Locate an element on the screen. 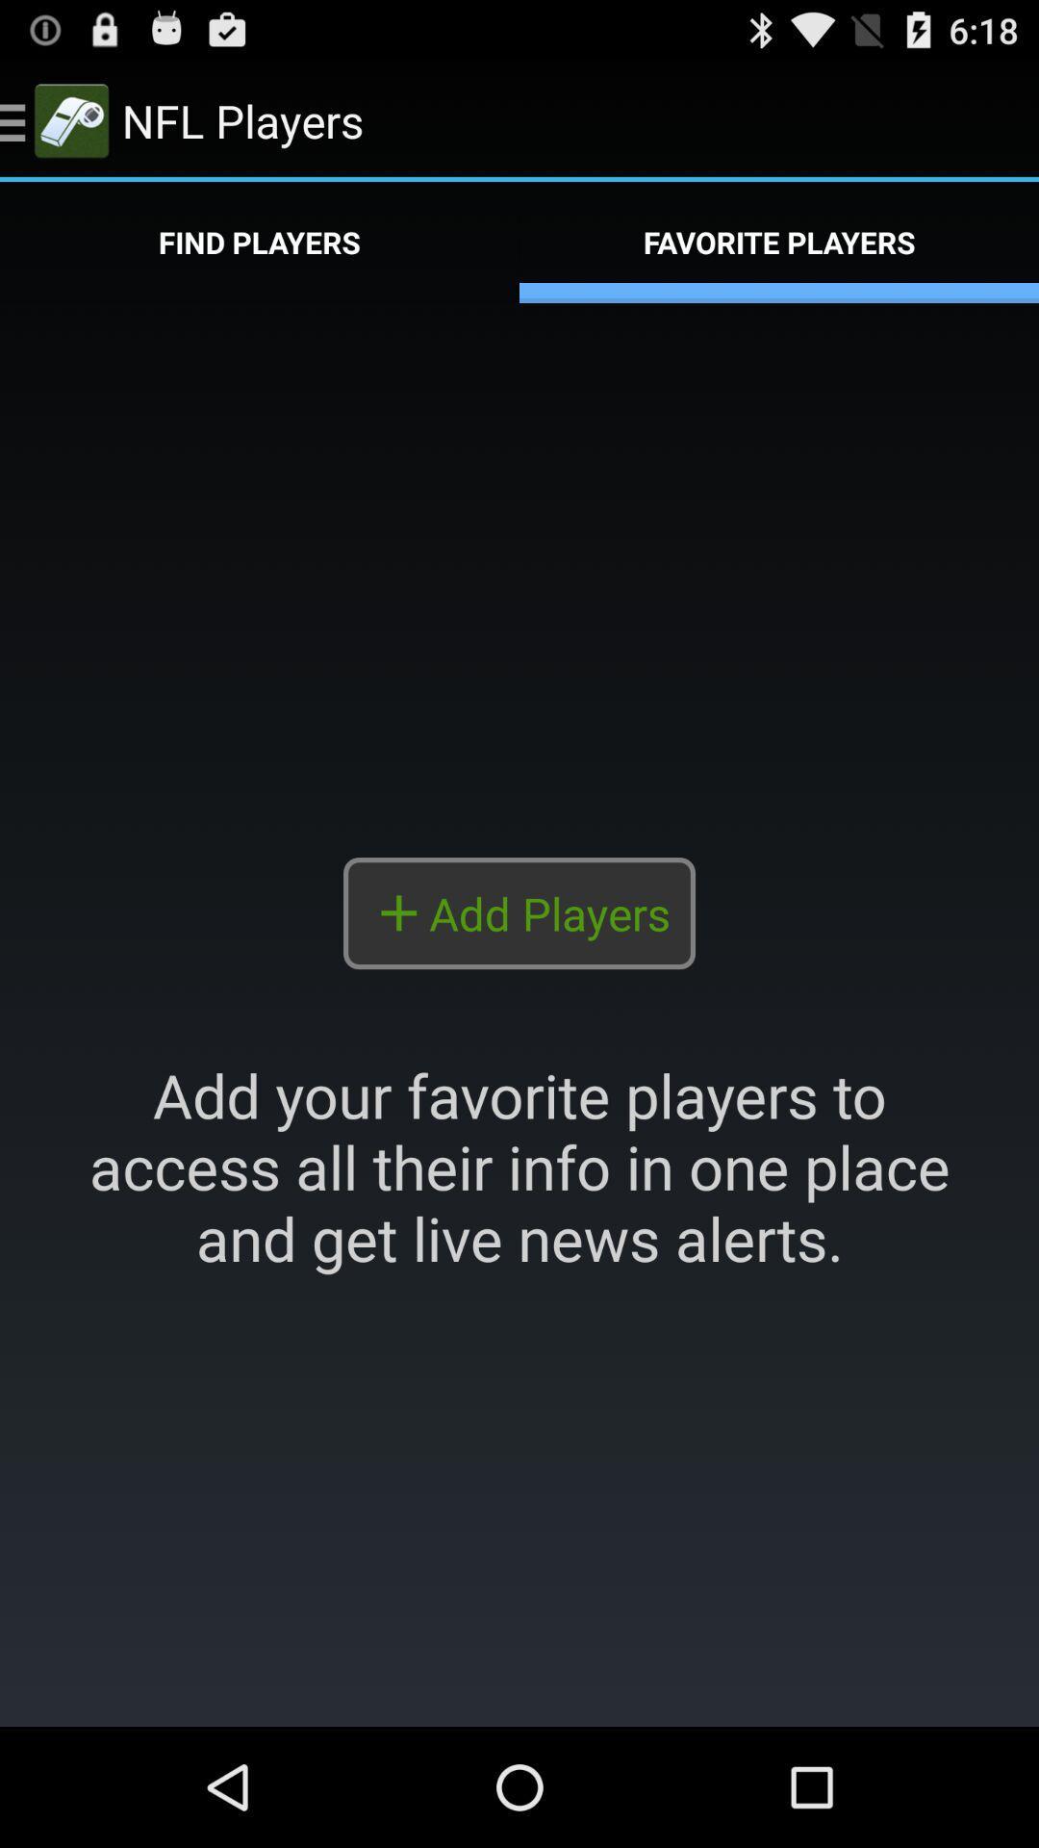 This screenshot has height=1848, width=1039. the highlighted portion included to add player is located at coordinates (519, 1014).